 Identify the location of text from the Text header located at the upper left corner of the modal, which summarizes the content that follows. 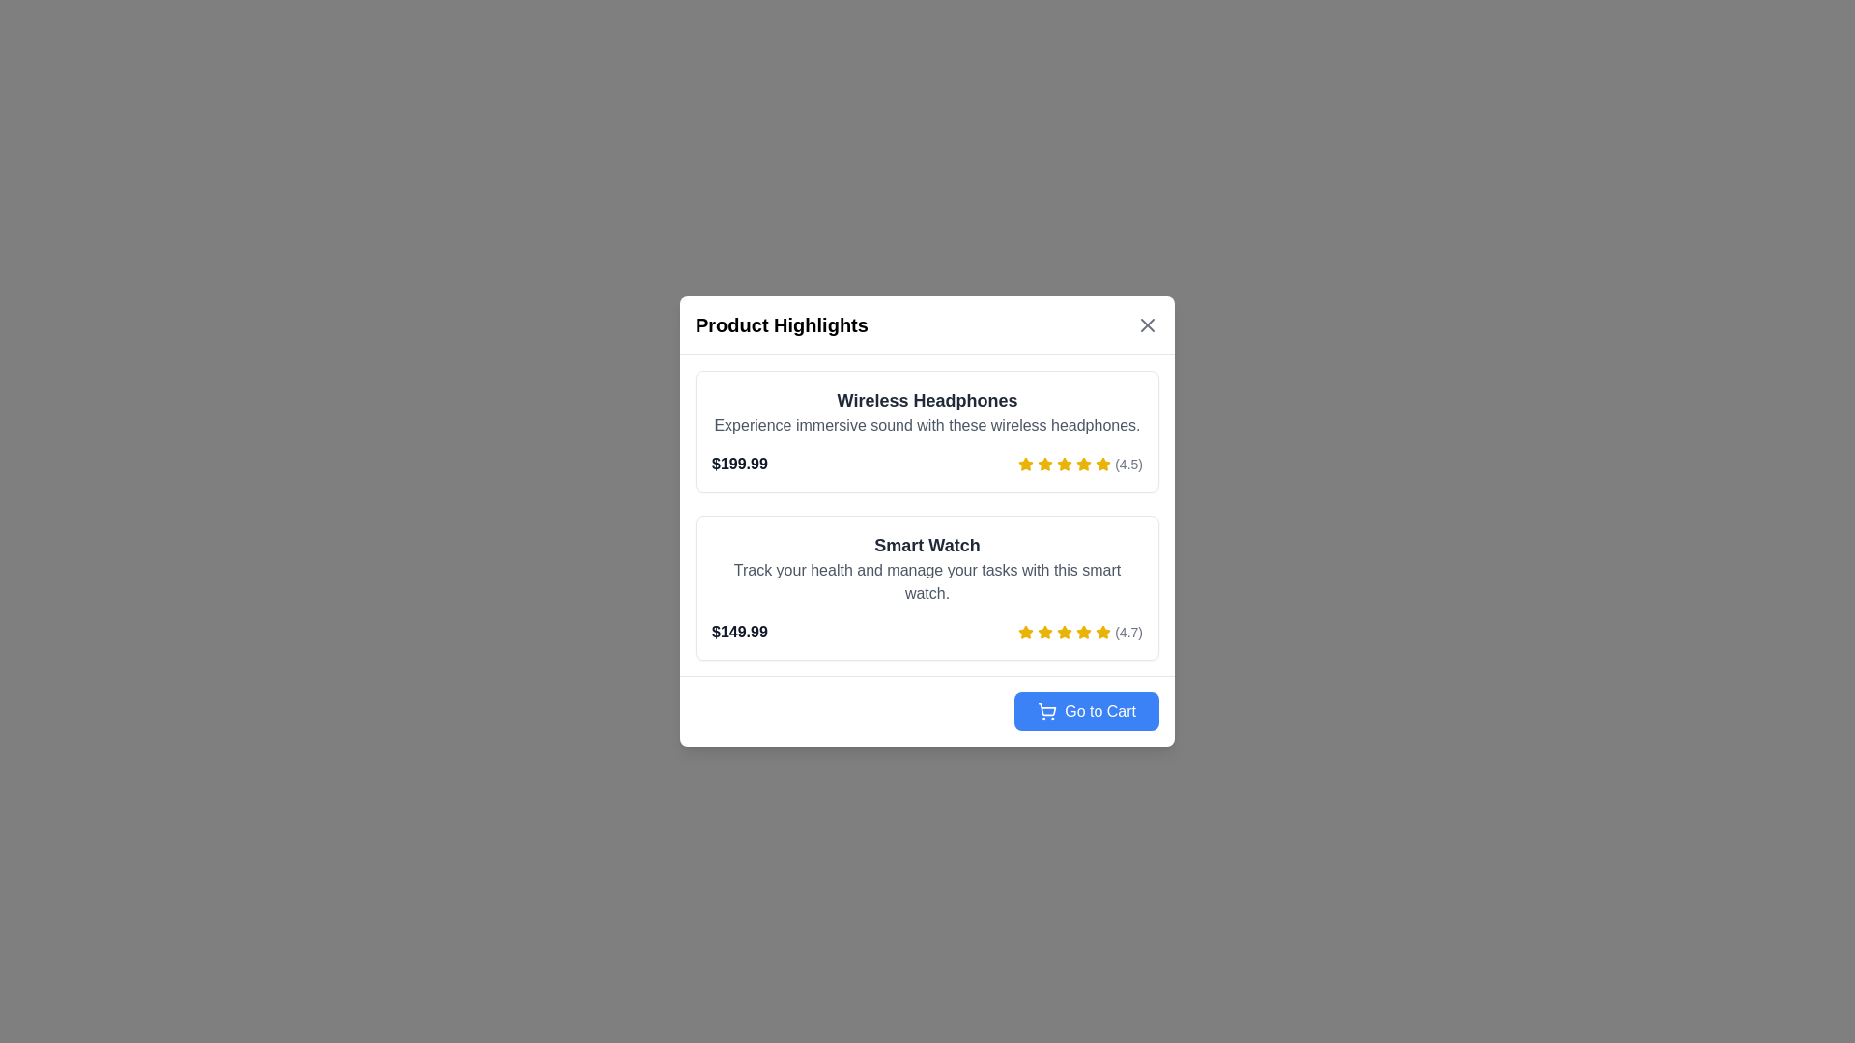
(782, 324).